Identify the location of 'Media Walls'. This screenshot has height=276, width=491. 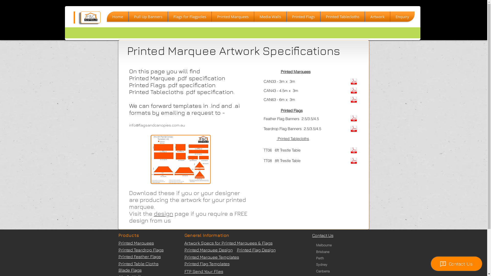
(254, 16).